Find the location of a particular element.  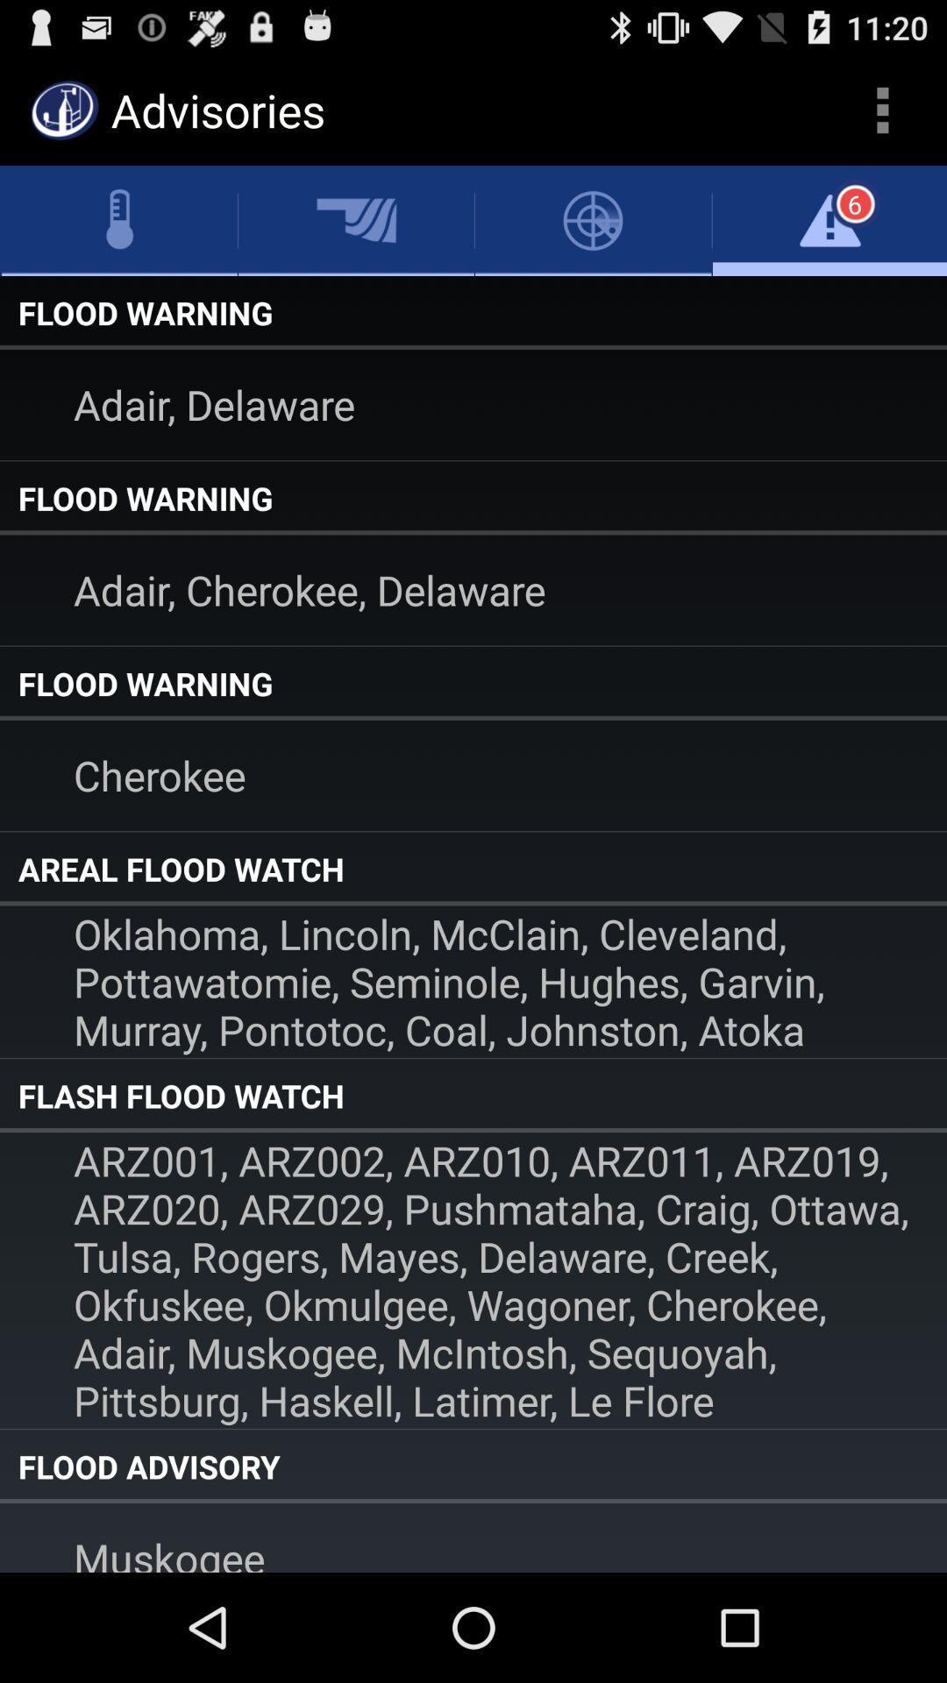

item above flash flood watch is located at coordinates (473, 982).